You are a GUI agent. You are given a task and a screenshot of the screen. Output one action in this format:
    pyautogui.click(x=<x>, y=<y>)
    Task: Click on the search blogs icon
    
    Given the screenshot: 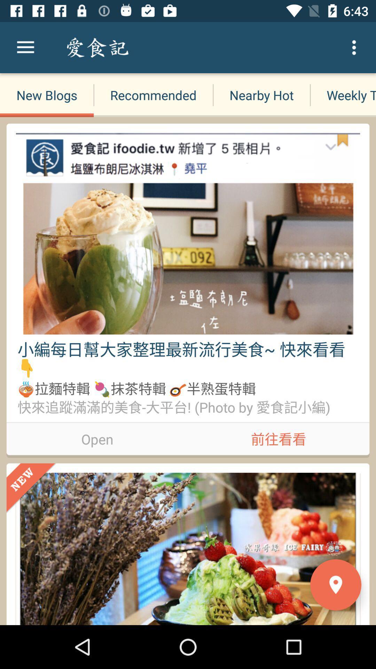 What is the action you would take?
    pyautogui.click(x=146, y=47)
    